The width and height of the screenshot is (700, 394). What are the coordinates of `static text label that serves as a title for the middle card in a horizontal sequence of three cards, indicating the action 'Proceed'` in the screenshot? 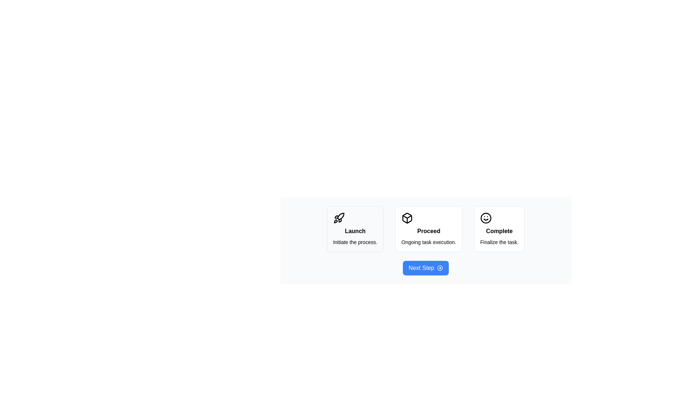 It's located at (429, 231).